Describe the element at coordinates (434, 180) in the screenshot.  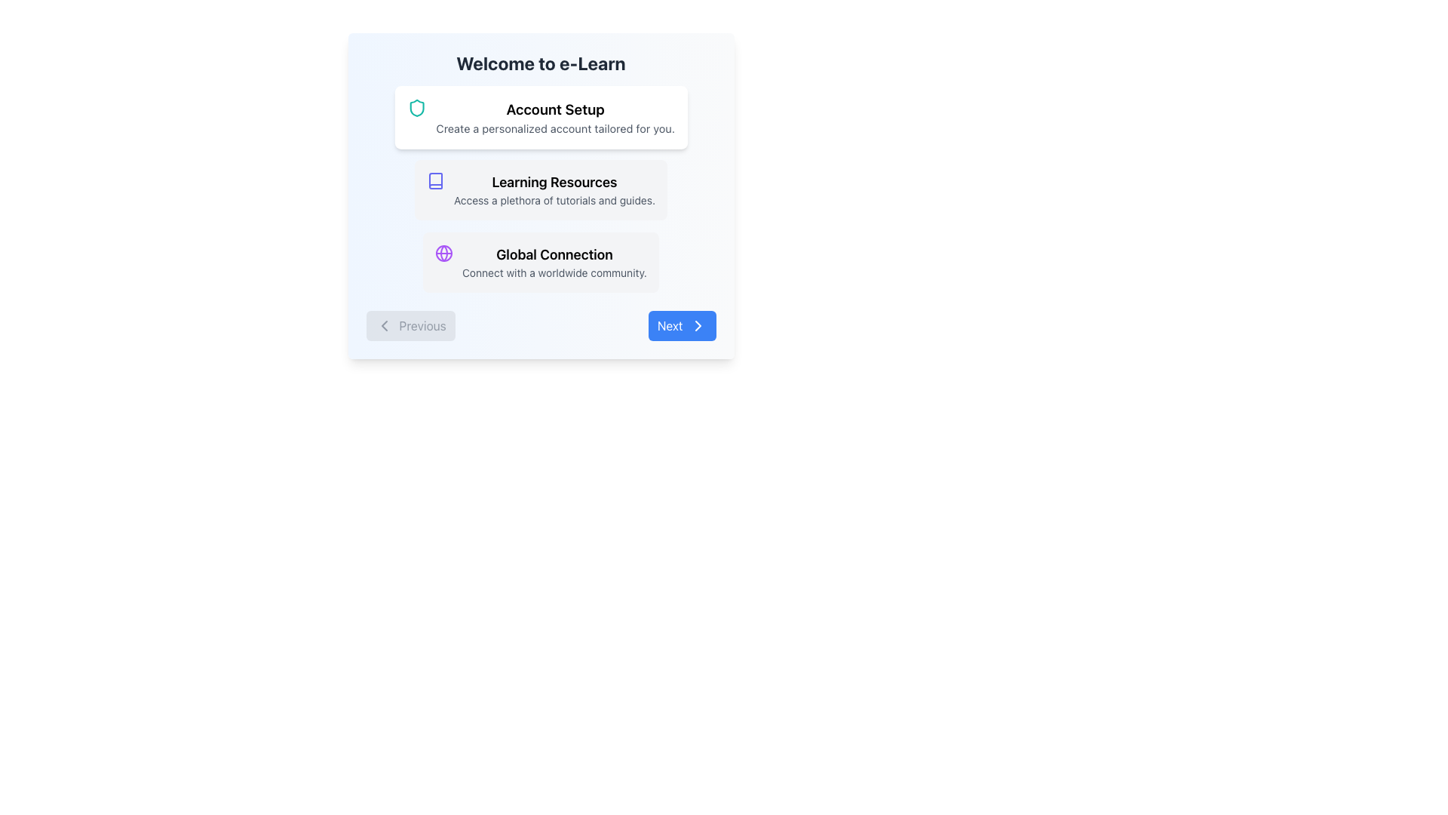
I see `the small, square-shaped blue outlined book icon located to the left of the 'Learning Resources' text` at that location.